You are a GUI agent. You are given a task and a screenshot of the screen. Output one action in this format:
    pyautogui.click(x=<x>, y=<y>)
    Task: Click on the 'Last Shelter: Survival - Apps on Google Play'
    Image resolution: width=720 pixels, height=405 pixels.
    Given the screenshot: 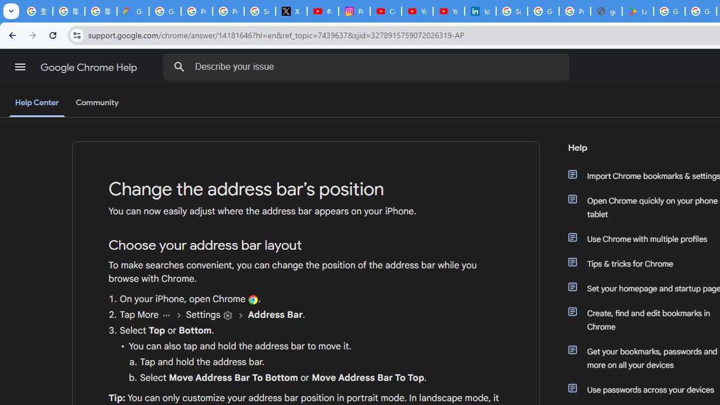 What is the action you would take?
    pyautogui.click(x=638, y=11)
    